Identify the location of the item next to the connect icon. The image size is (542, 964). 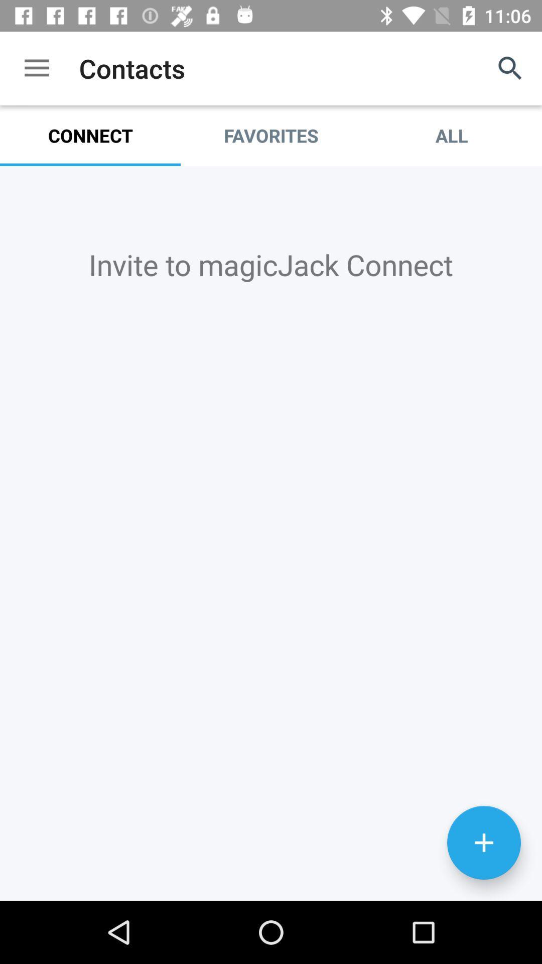
(271, 135).